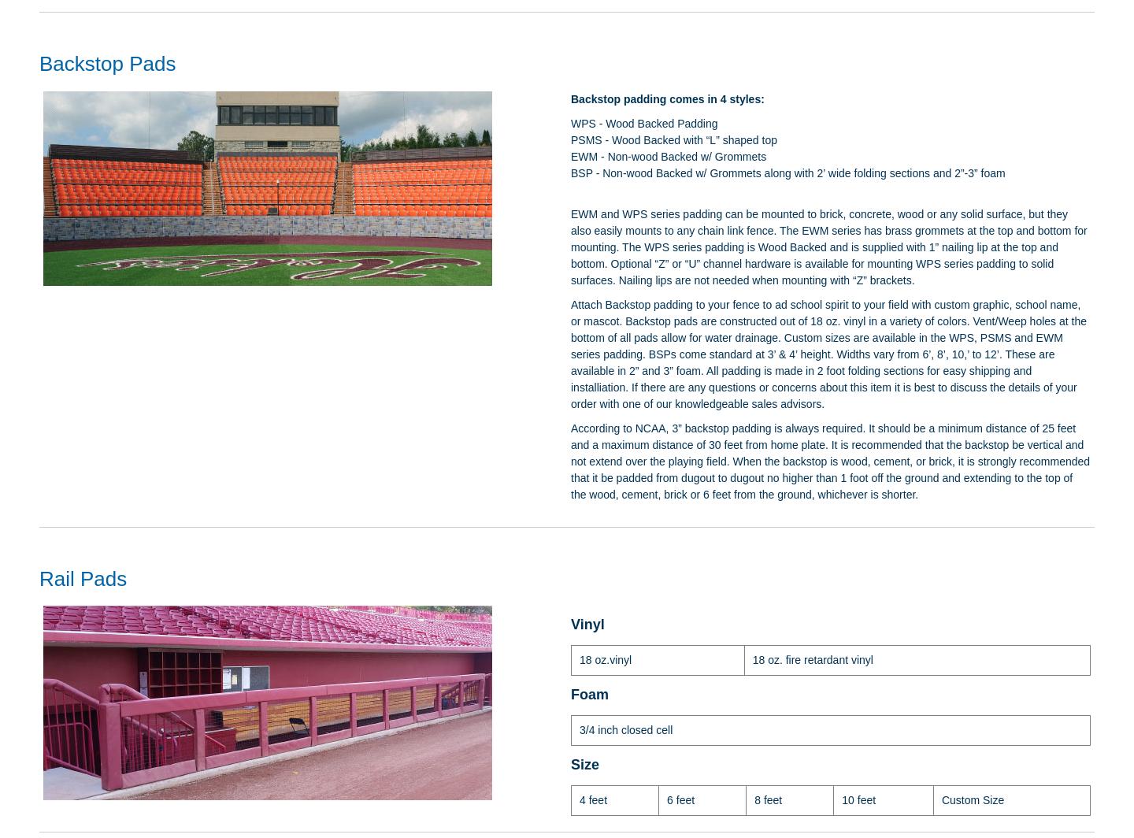 The height and width of the screenshot is (838, 1134). Describe the element at coordinates (644, 122) in the screenshot. I see `'WPS - Wood Backed Padding'` at that location.